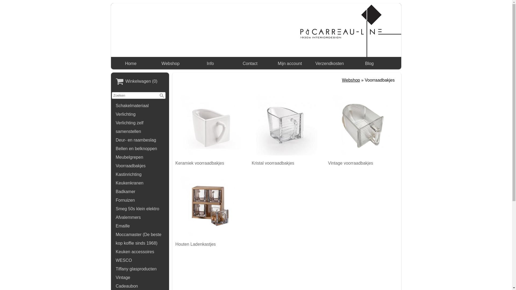  Describe the element at coordinates (329, 63) in the screenshot. I see `'Verzendkosten'` at that location.